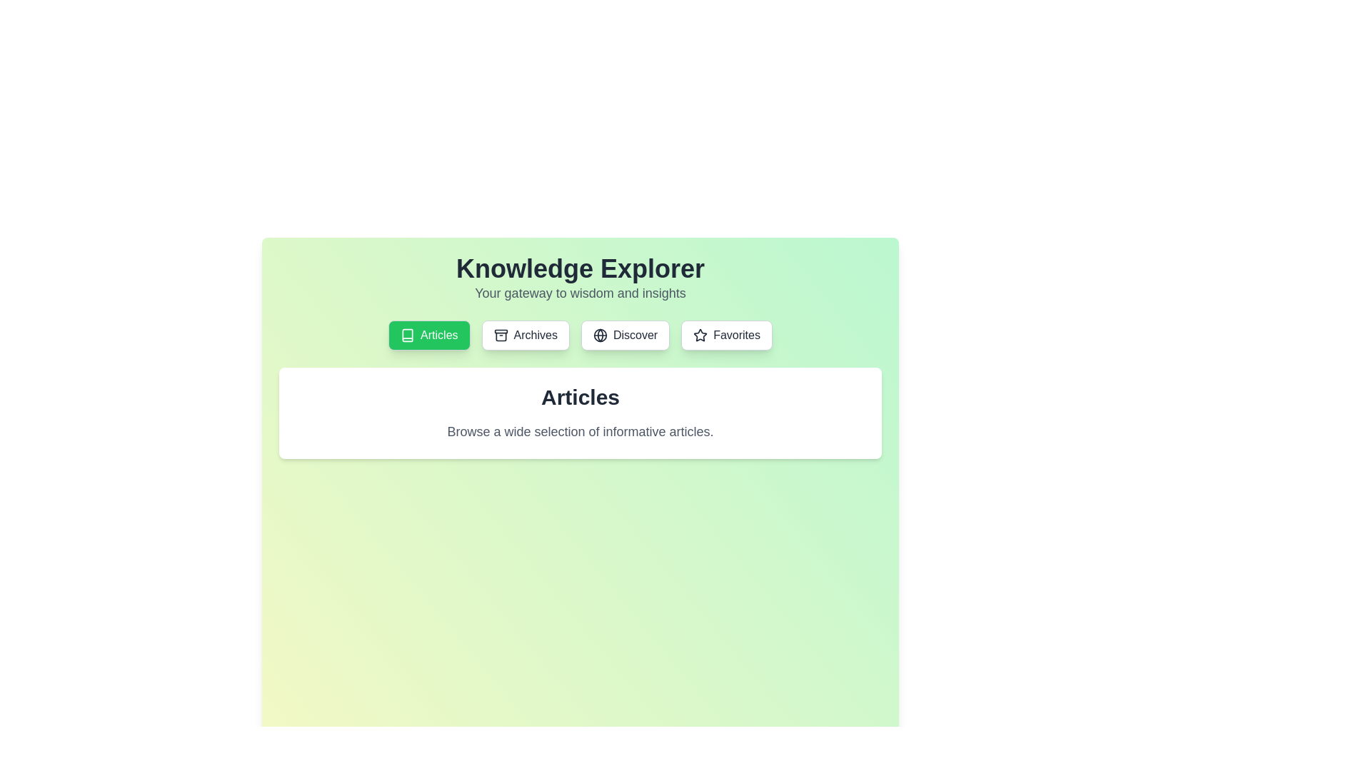  I want to click on the tab labeled Articles, so click(428, 336).